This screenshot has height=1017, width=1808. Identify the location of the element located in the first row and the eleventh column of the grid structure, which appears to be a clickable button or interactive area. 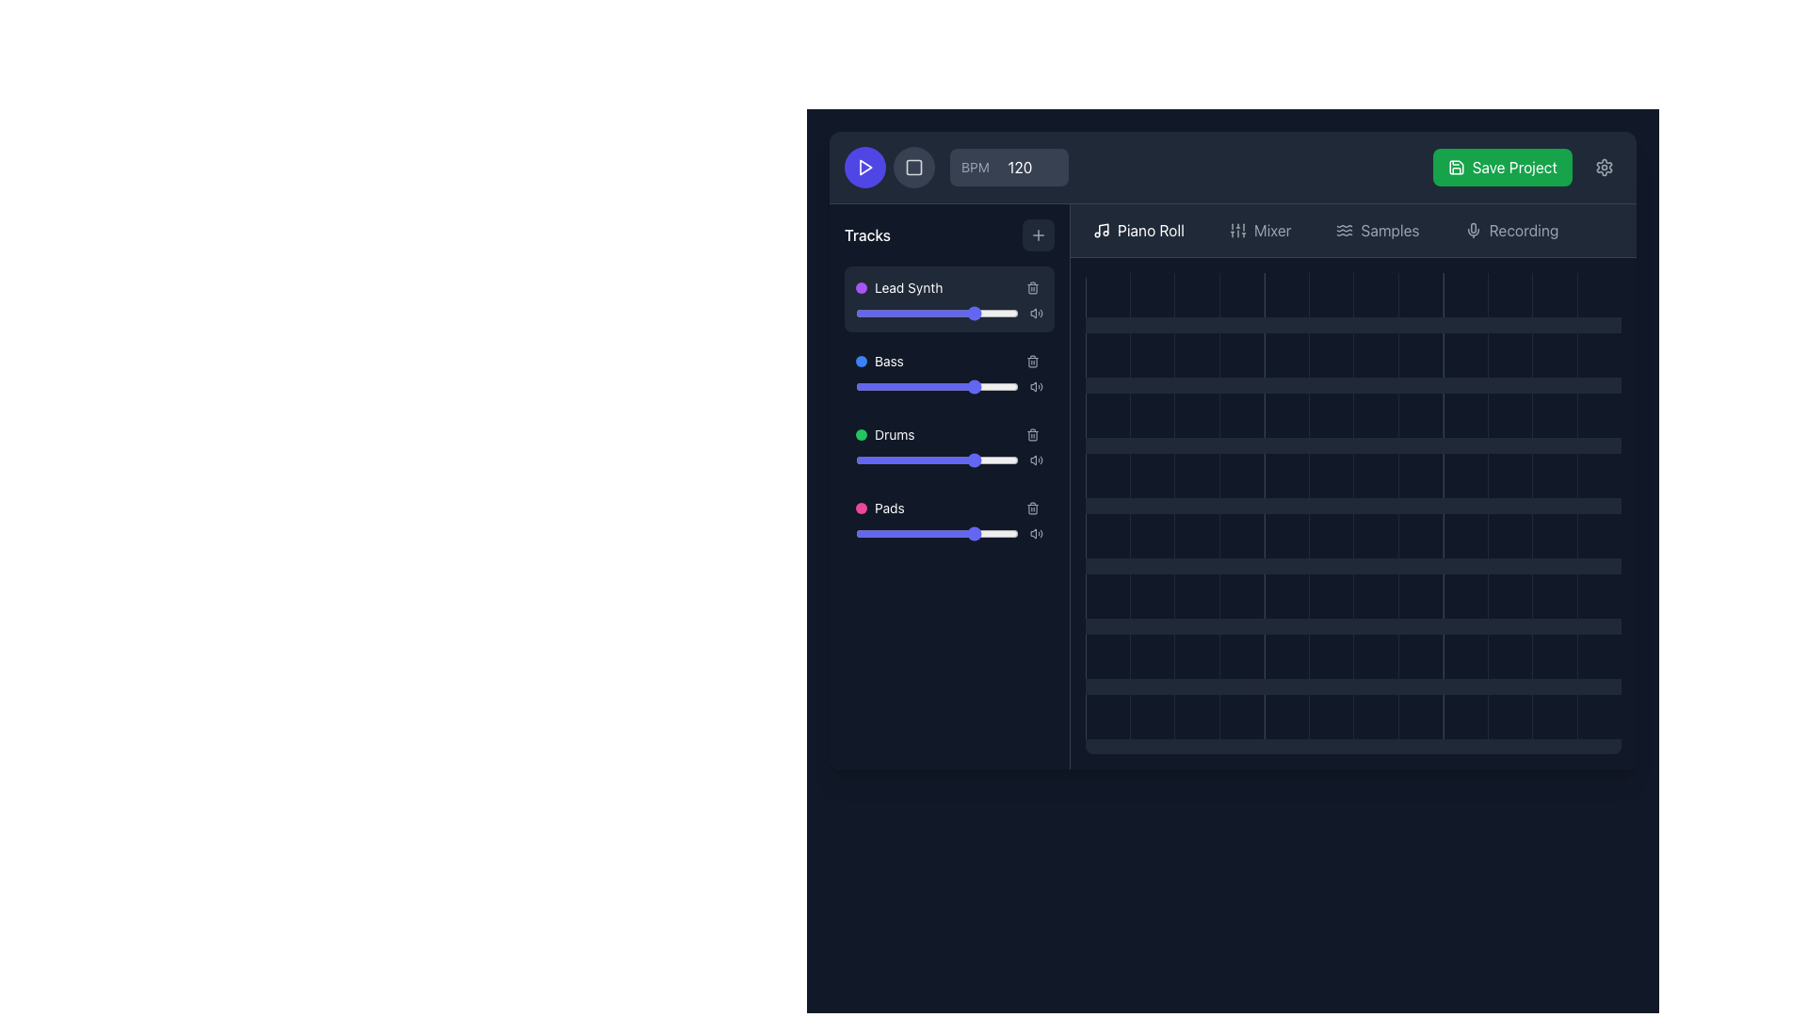
(1509, 295).